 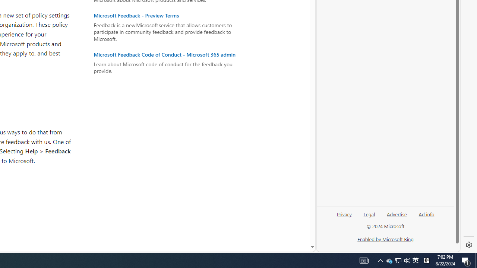 I want to click on 'Privacy', so click(x=344, y=214).